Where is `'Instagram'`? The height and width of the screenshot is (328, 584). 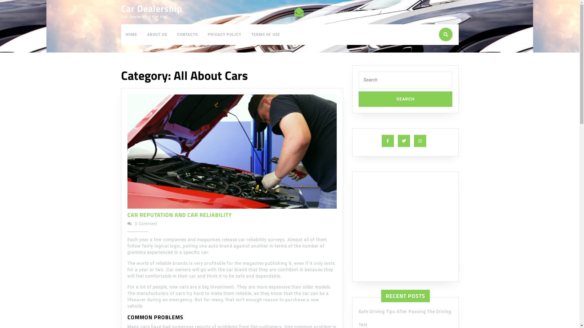
'Instagram' is located at coordinates (421, 141).